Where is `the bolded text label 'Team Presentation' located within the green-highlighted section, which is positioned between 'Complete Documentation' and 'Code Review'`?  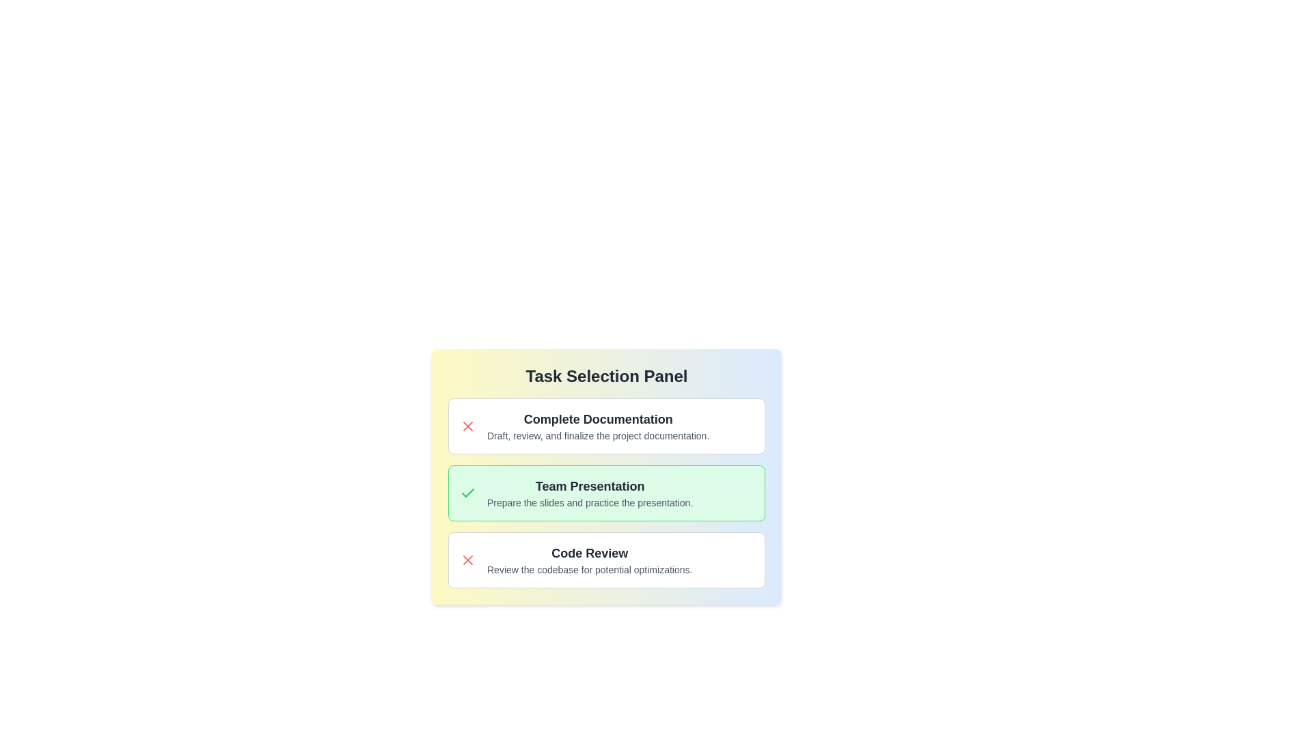
the bolded text label 'Team Presentation' located within the green-highlighted section, which is positioned between 'Complete Documentation' and 'Code Review' is located at coordinates (590, 486).